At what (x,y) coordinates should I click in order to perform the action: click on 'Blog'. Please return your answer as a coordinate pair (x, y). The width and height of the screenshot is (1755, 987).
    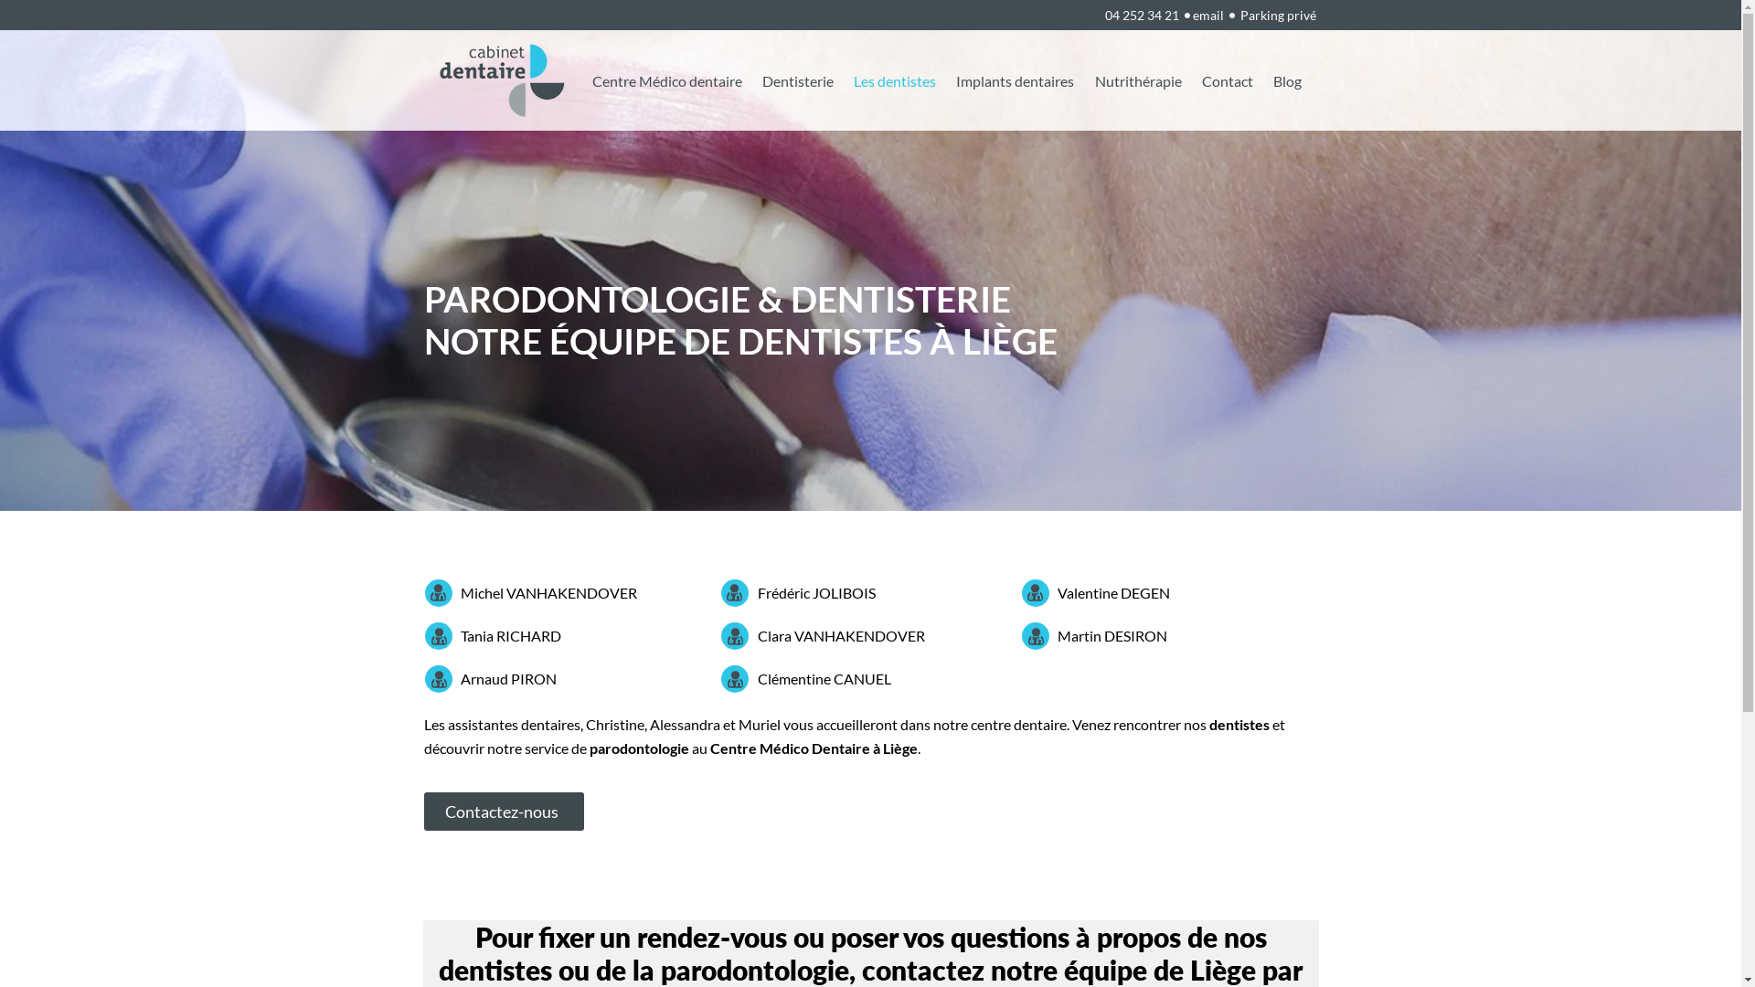
    Looking at the image, I should click on (1286, 80).